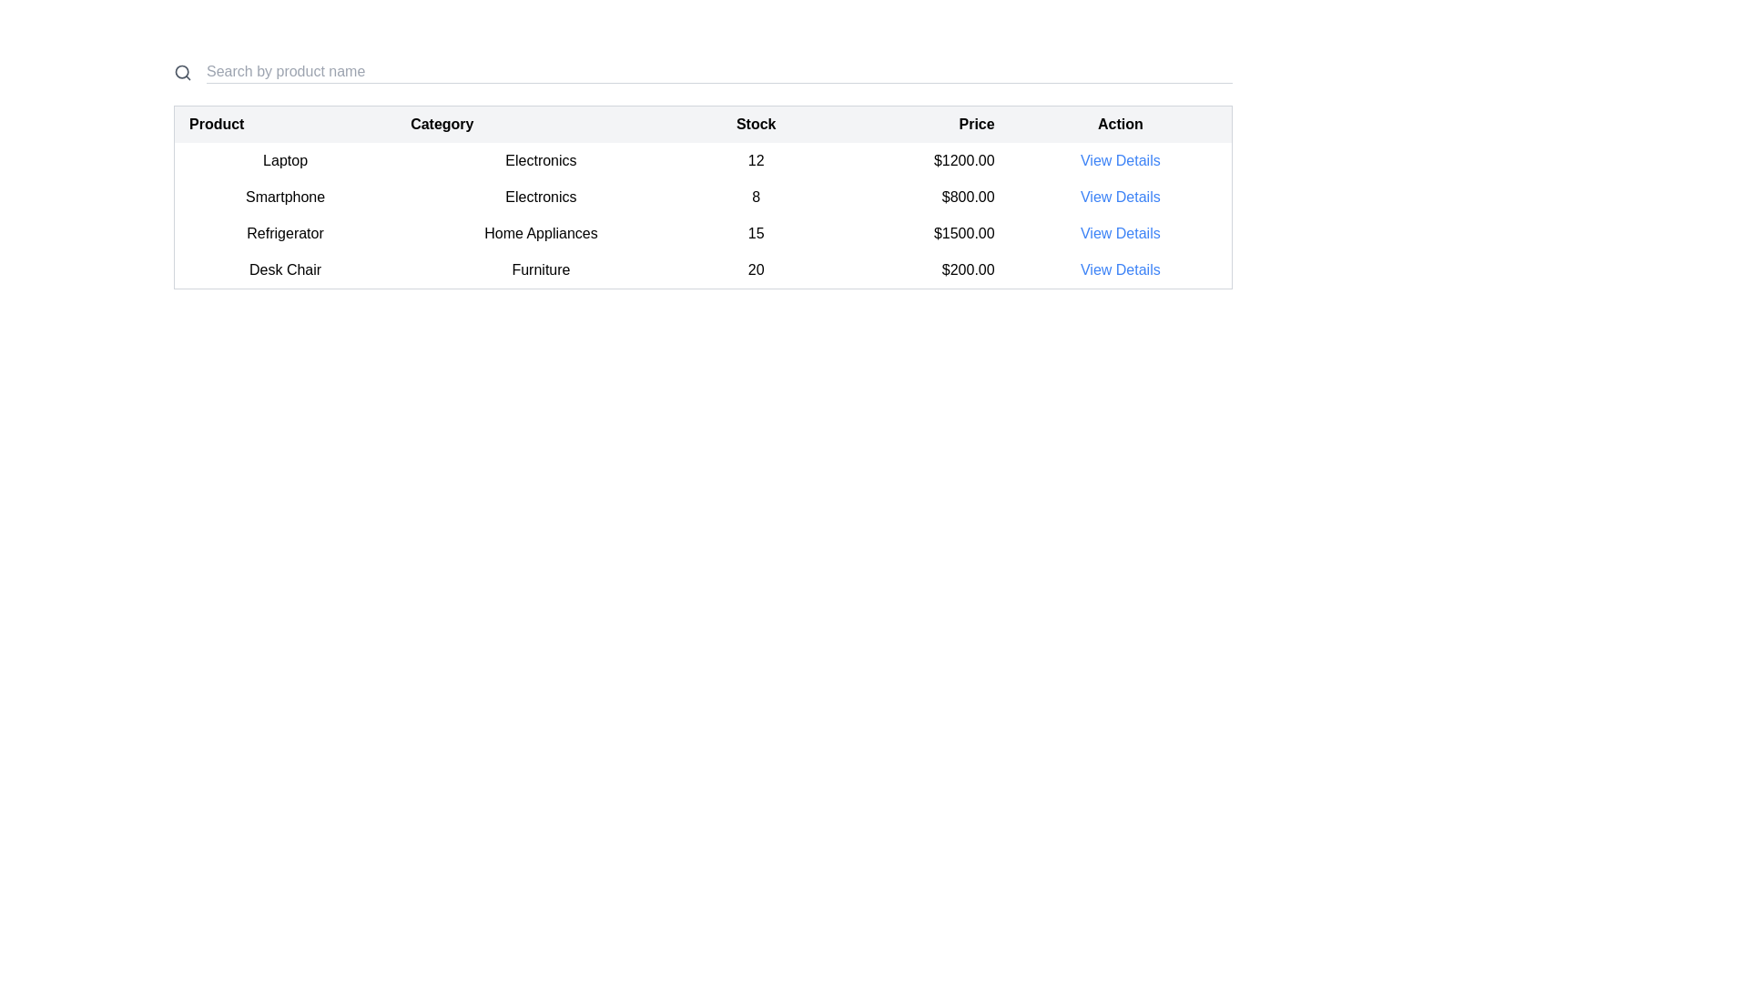  I want to click on the interactive link in the topmost row of the 'Action' column of the table, so click(1119, 160).